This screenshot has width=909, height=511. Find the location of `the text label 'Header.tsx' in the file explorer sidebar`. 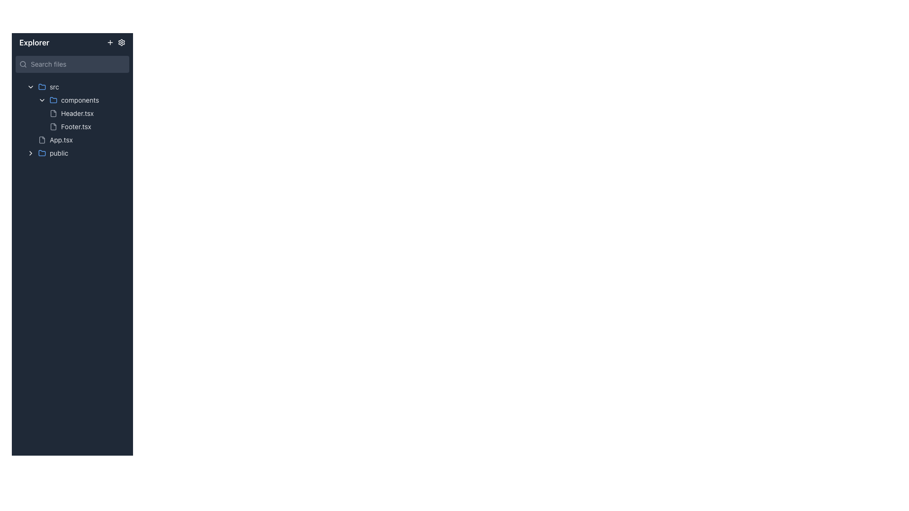

the text label 'Header.tsx' in the file explorer sidebar is located at coordinates (81, 113).